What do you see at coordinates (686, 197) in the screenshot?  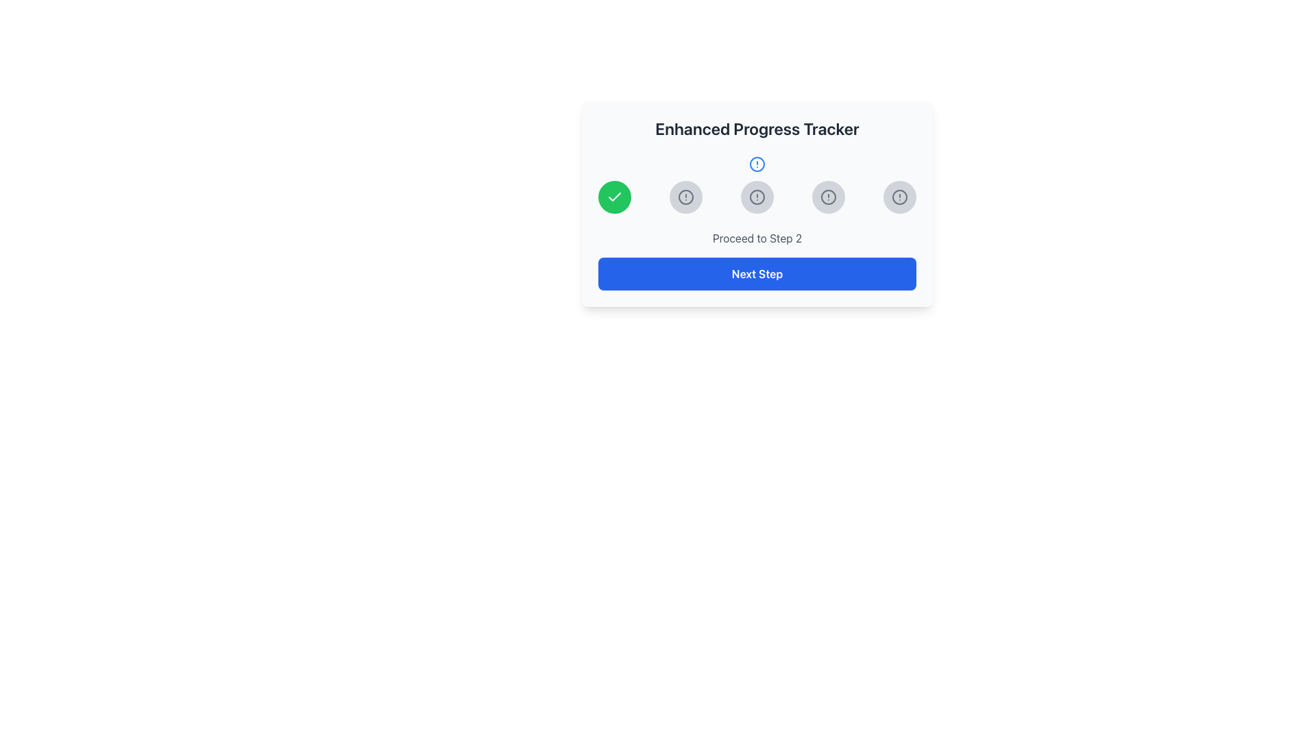 I see `the styling or state of the second circular progress tracker step in the Enhanced Progress Tracker, which is inactive or informational` at bounding box center [686, 197].